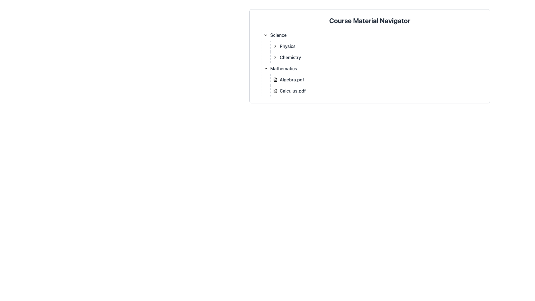 The width and height of the screenshot is (535, 301). I want to click on the icon that indicates the state of the 'Mathematics' section in the course material navigator, so click(266, 68).